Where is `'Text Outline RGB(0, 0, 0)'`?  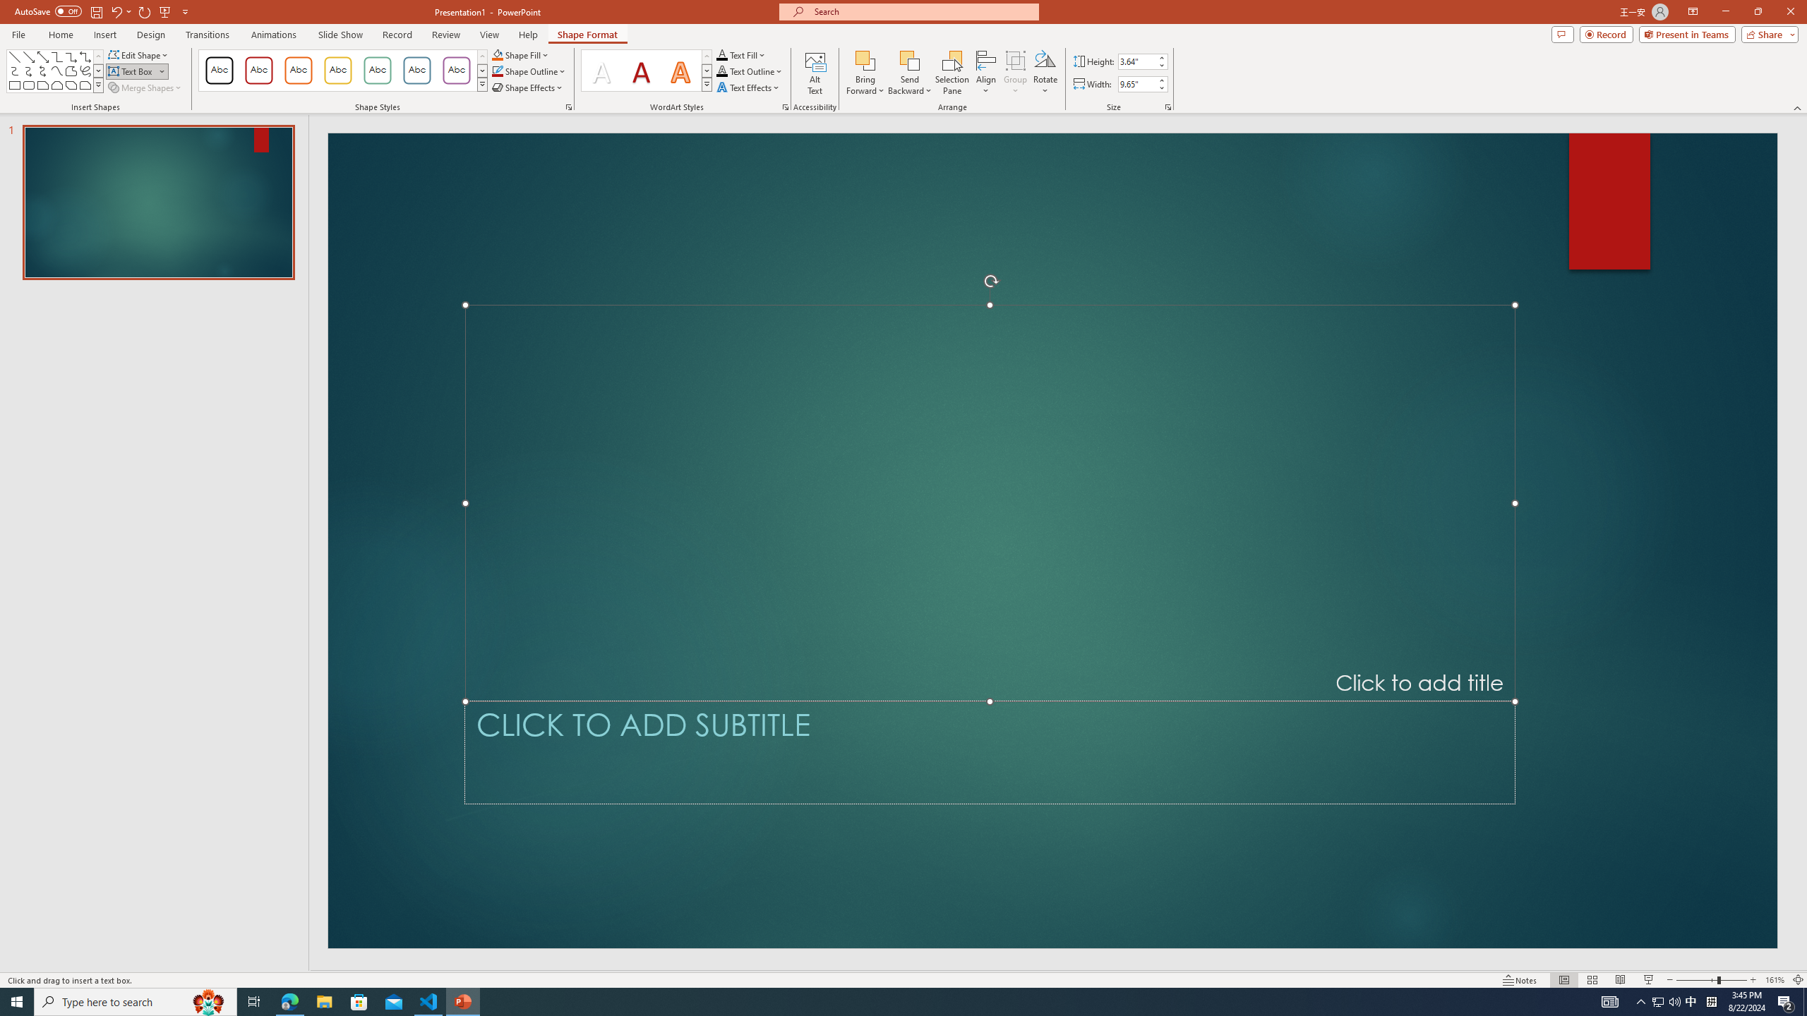
'Text Outline RGB(0, 0, 0)' is located at coordinates (721, 70).